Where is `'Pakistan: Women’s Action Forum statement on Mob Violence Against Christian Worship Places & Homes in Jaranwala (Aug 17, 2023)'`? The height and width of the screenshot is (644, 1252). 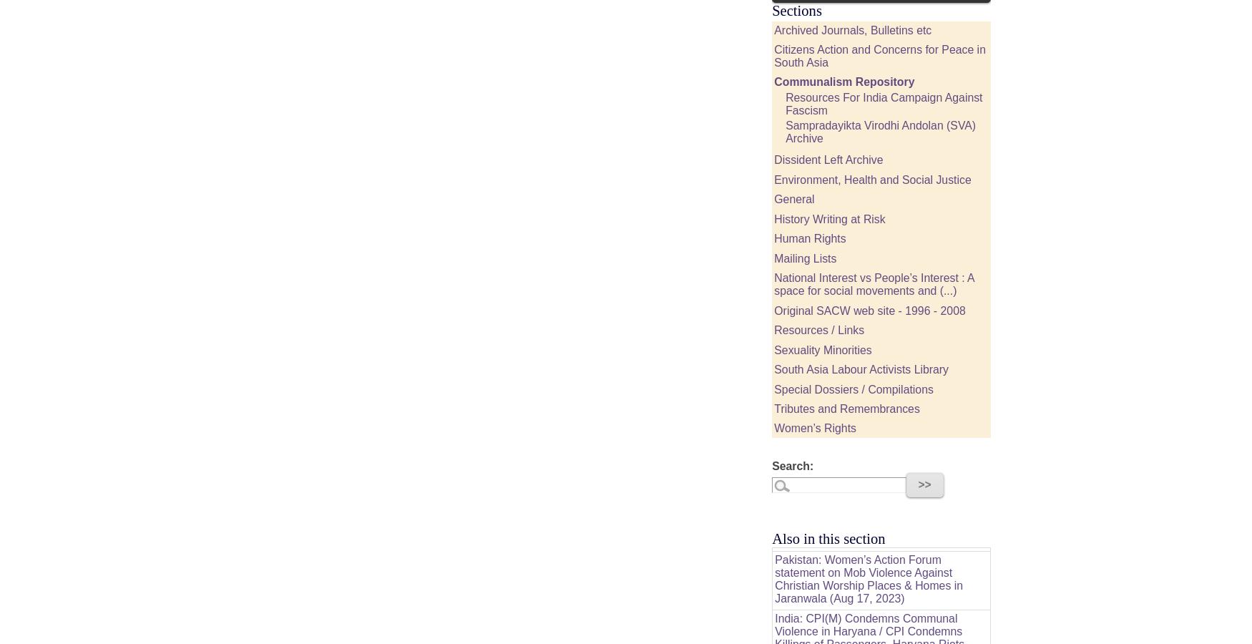
'Pakistan: Women’s Action Forum statement on Mob Violence Against Christian Worship Places & Homes in Jaranwala (Aug 17, 2023)' is located at coordinates (869, 578).